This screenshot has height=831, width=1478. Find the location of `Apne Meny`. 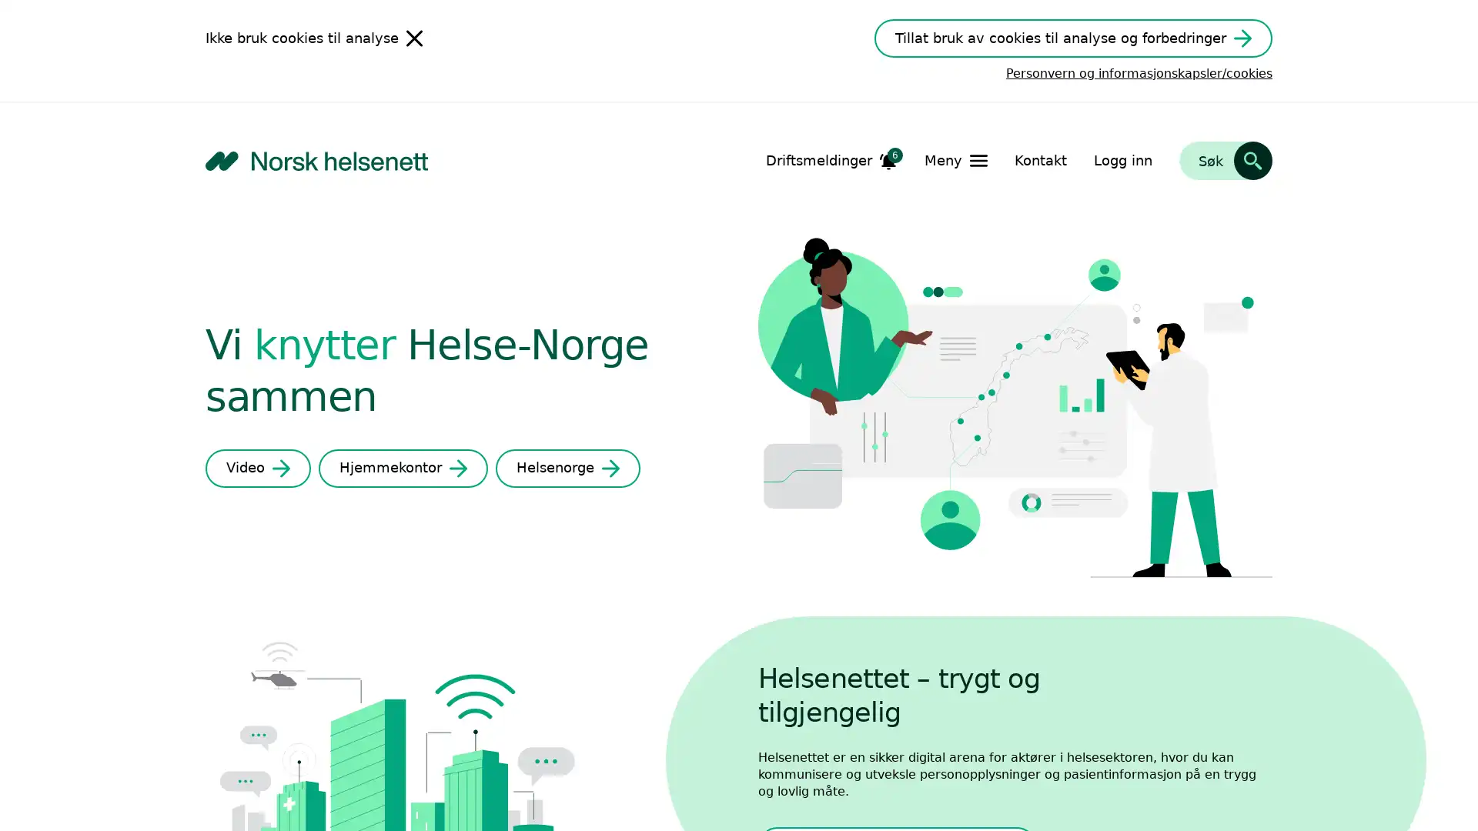

Apne Meny is located at coordinates (955, 160).